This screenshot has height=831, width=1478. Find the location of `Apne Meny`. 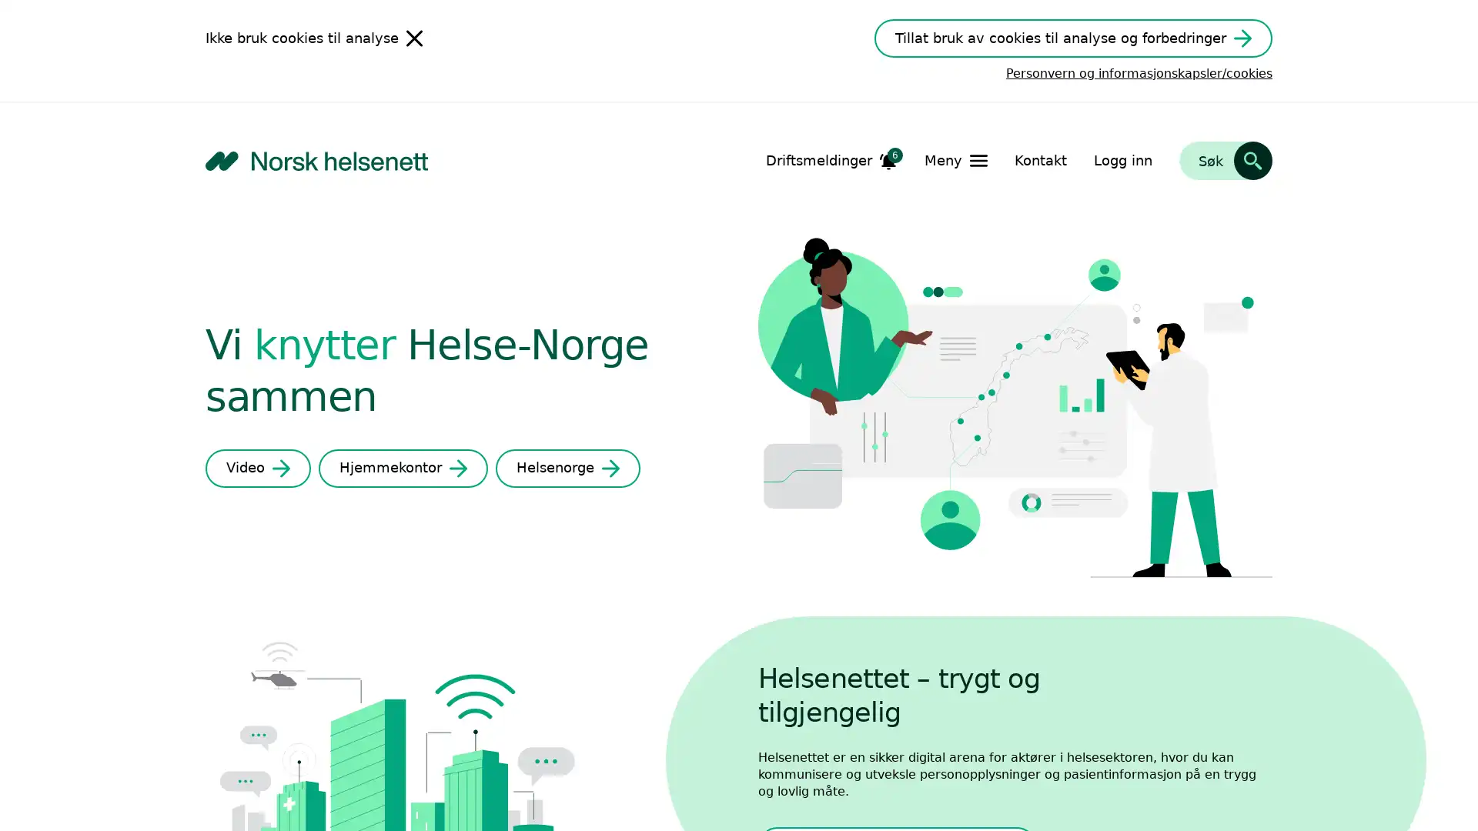

Apne Meny is located at coordinates (955, 160).